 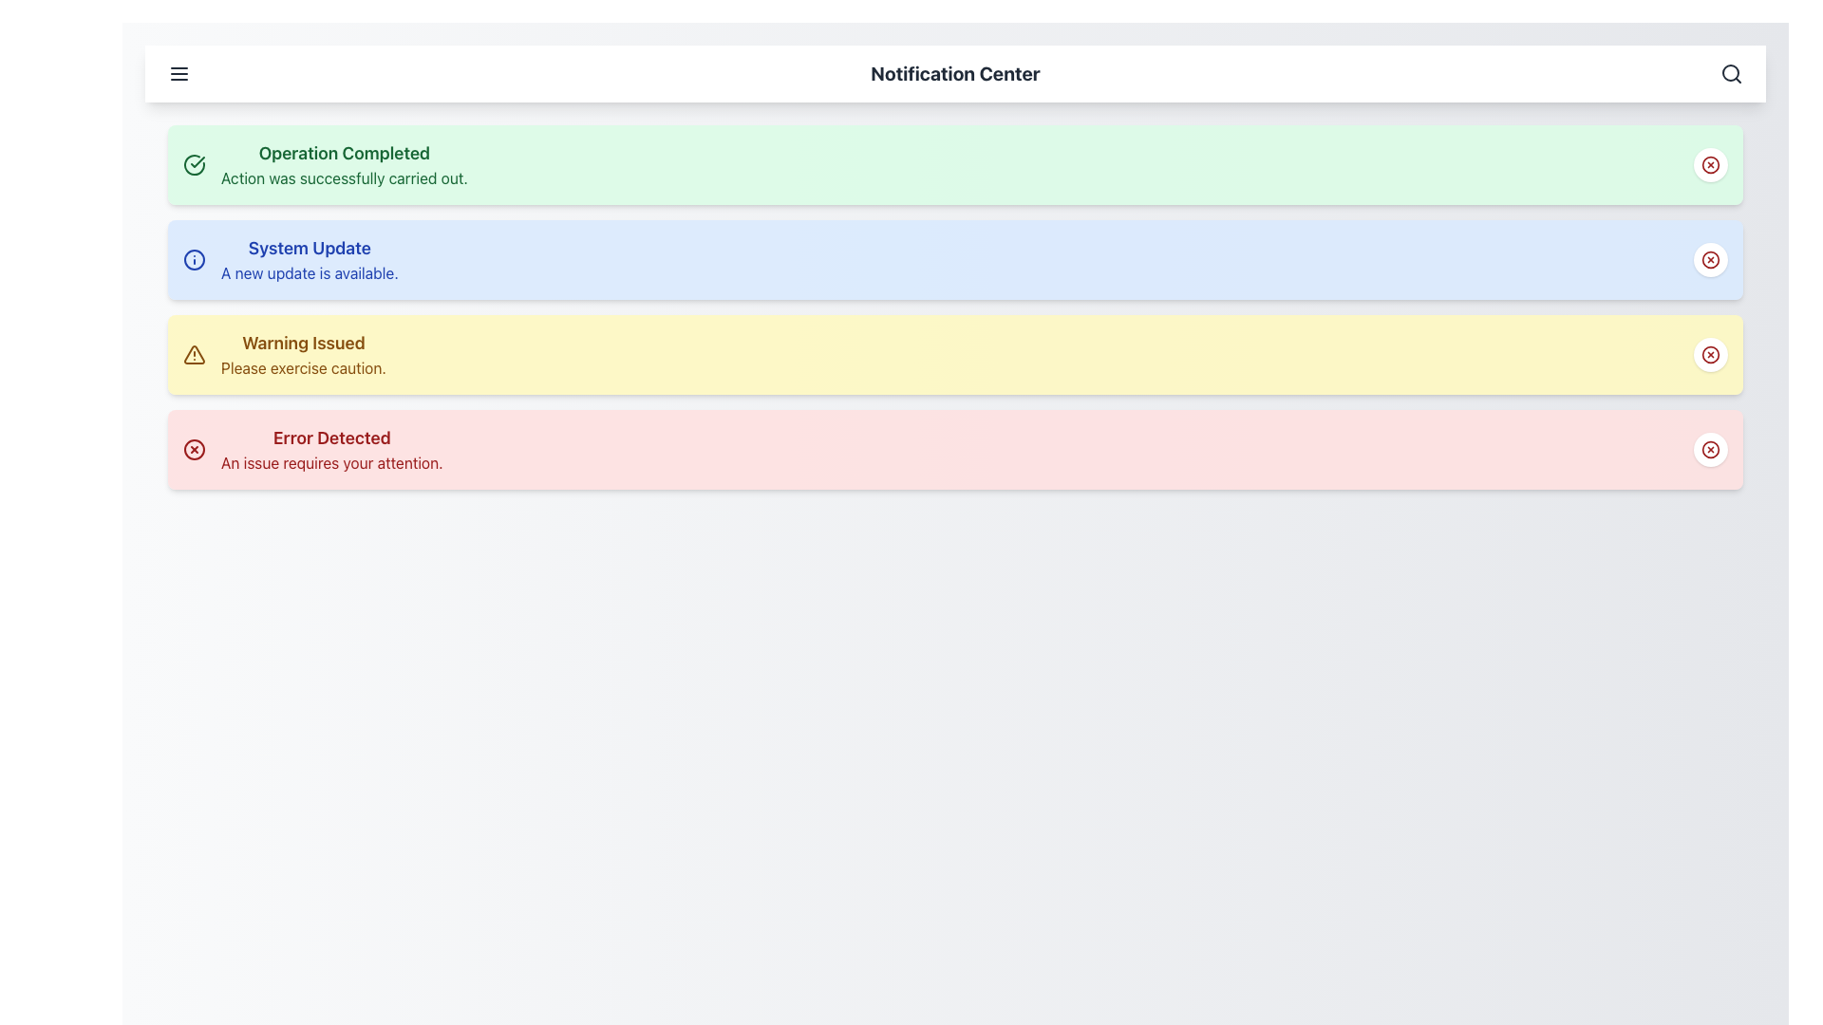 I want to click on the close icon button located at the topmost right side of the green notification bar labeled 'Operation Completed' and interact with it using keyboard focus, so click(x=1710, y=163).